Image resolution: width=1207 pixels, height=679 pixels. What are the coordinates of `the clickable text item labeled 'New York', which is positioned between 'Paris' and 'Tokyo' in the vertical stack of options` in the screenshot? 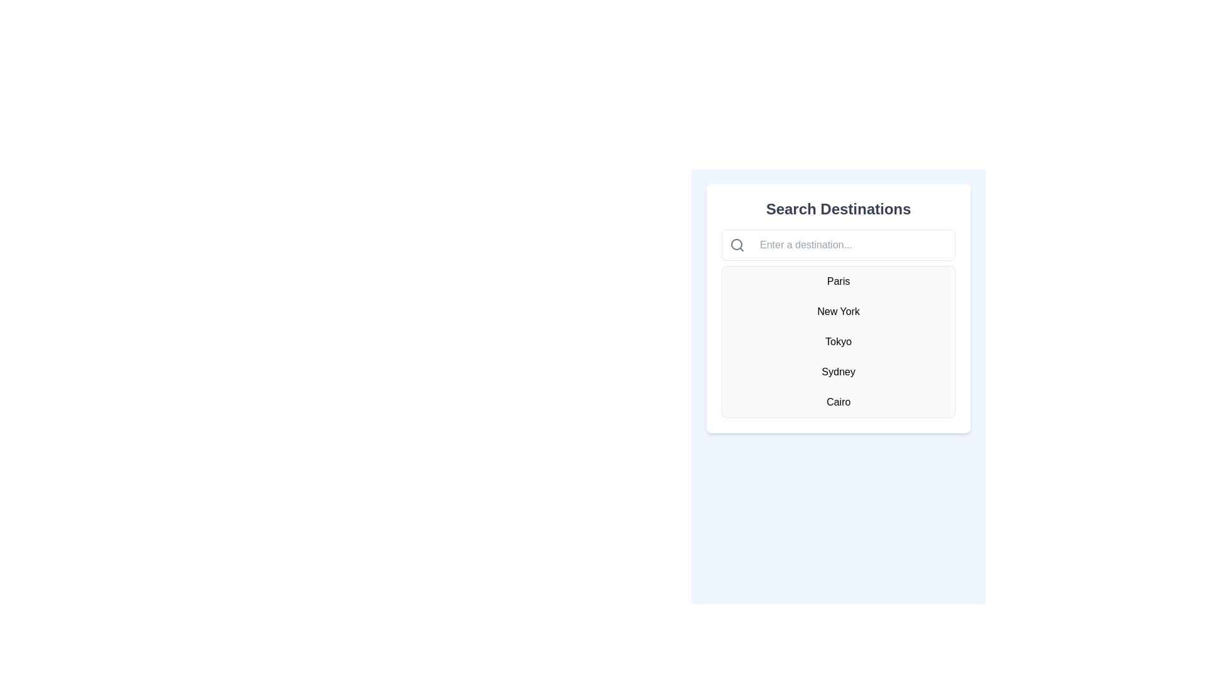 It's located at (839, 308).